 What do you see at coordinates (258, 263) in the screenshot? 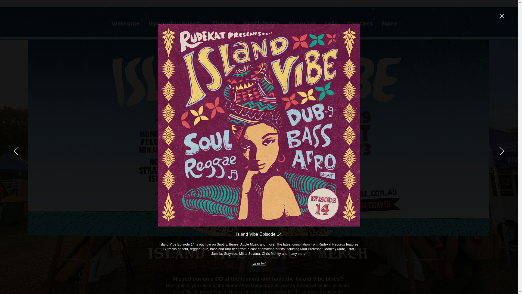
I see `'Go to link'` at bounding box center [258, 263].